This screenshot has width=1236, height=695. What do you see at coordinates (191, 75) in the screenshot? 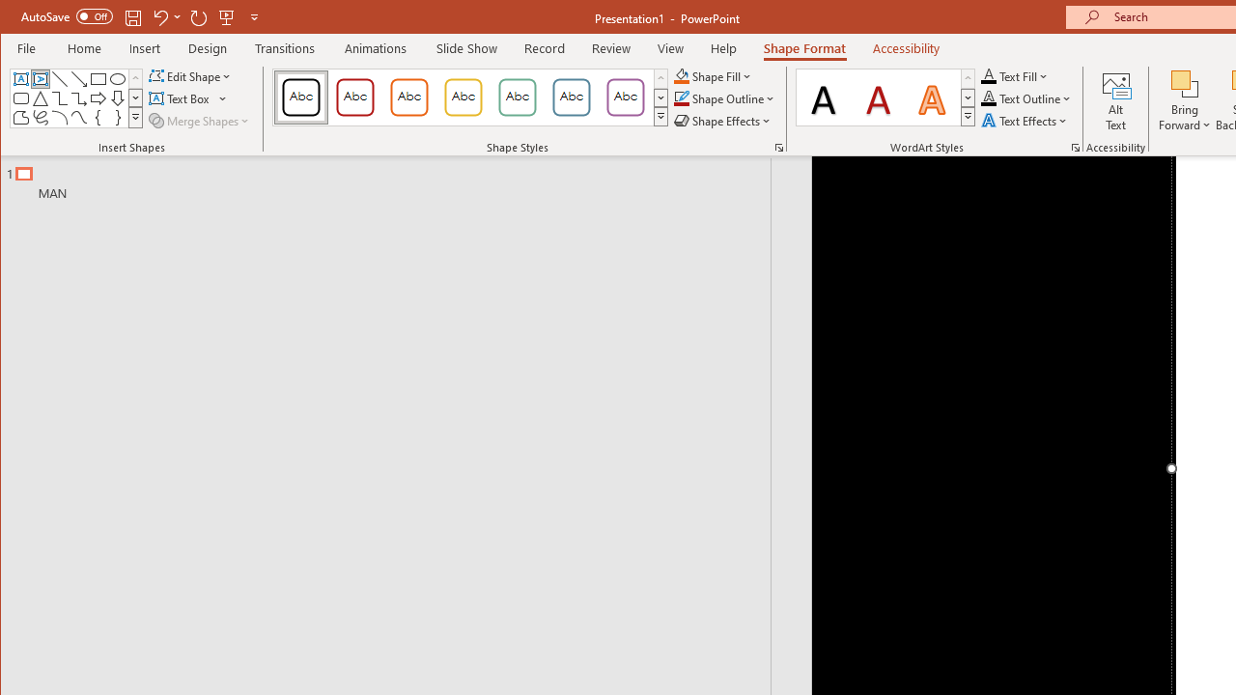
I see `'Edit Shape'` at bounding box center [191, 75].